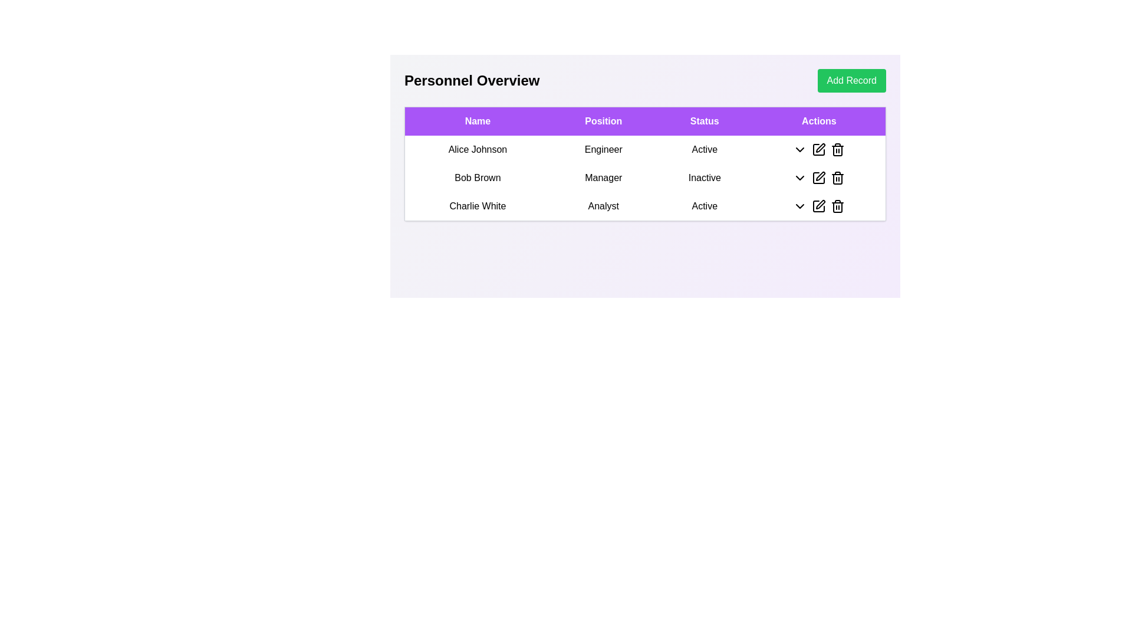 The height and width of the screenshot is (637, 1132). What do you see at coordinates (603, 178) in the screenshot?
I see `the text label displaying 'Manager' located in the second row of the table under the 'Position' column, positioned between 'Bob Brown' and 'Inactive'` at bounding box center [603, 178].